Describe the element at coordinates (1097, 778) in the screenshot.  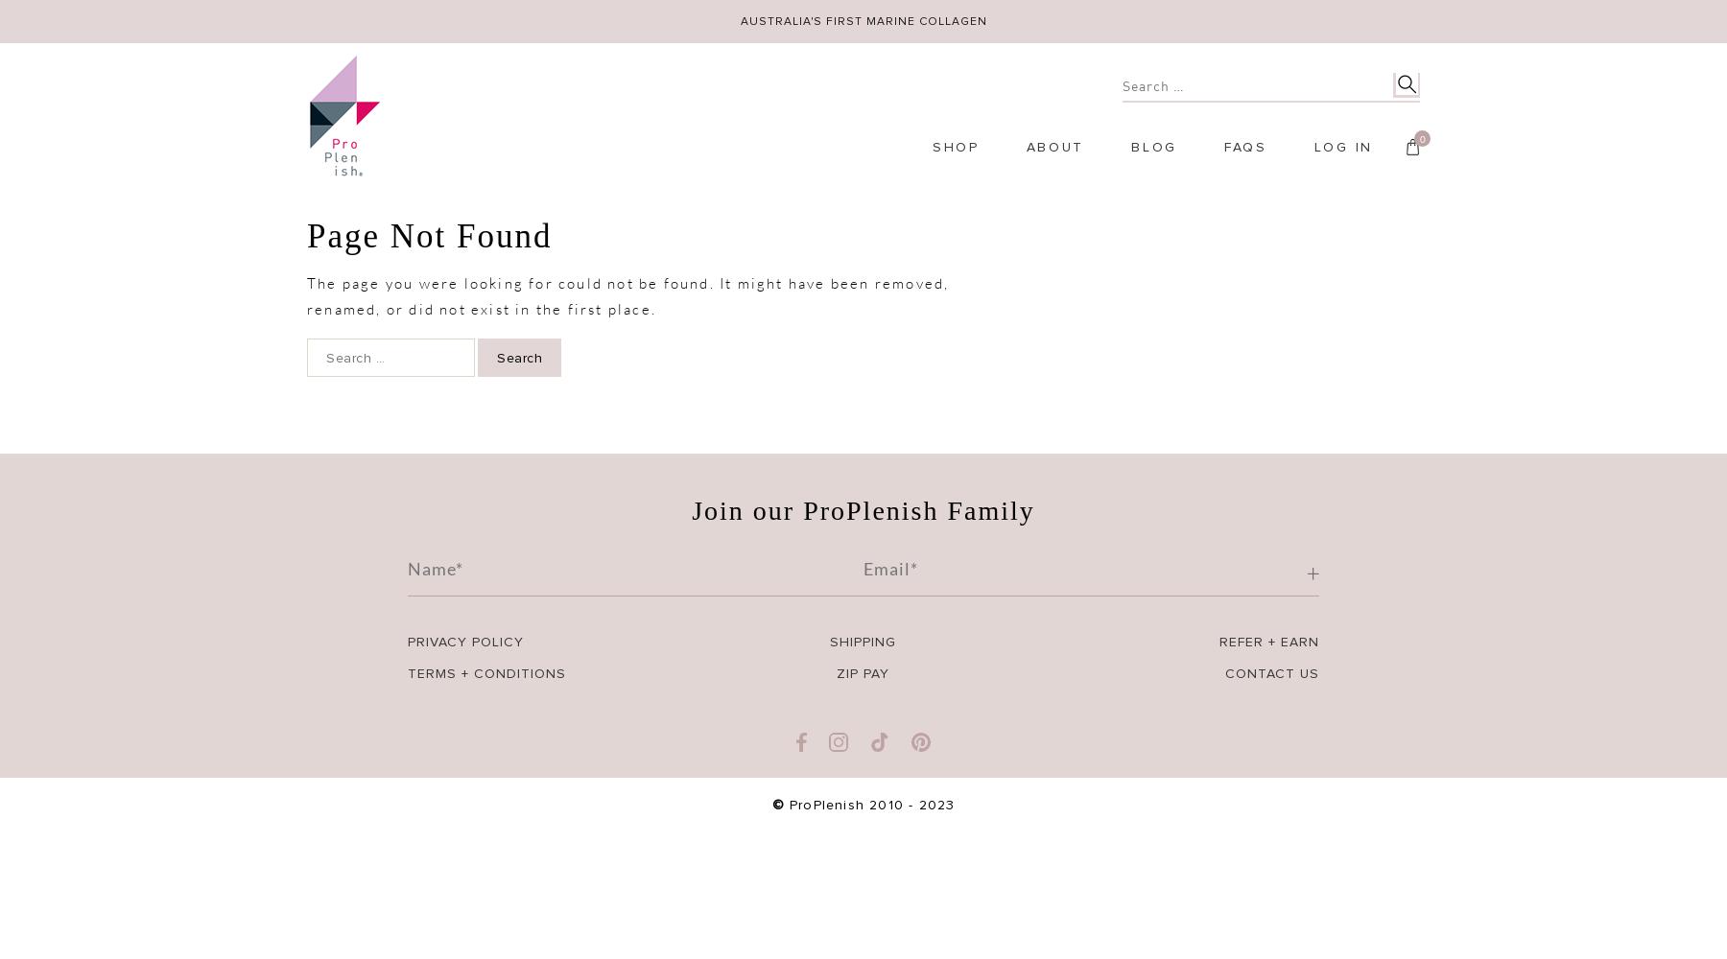
I see `'X'` at that location.